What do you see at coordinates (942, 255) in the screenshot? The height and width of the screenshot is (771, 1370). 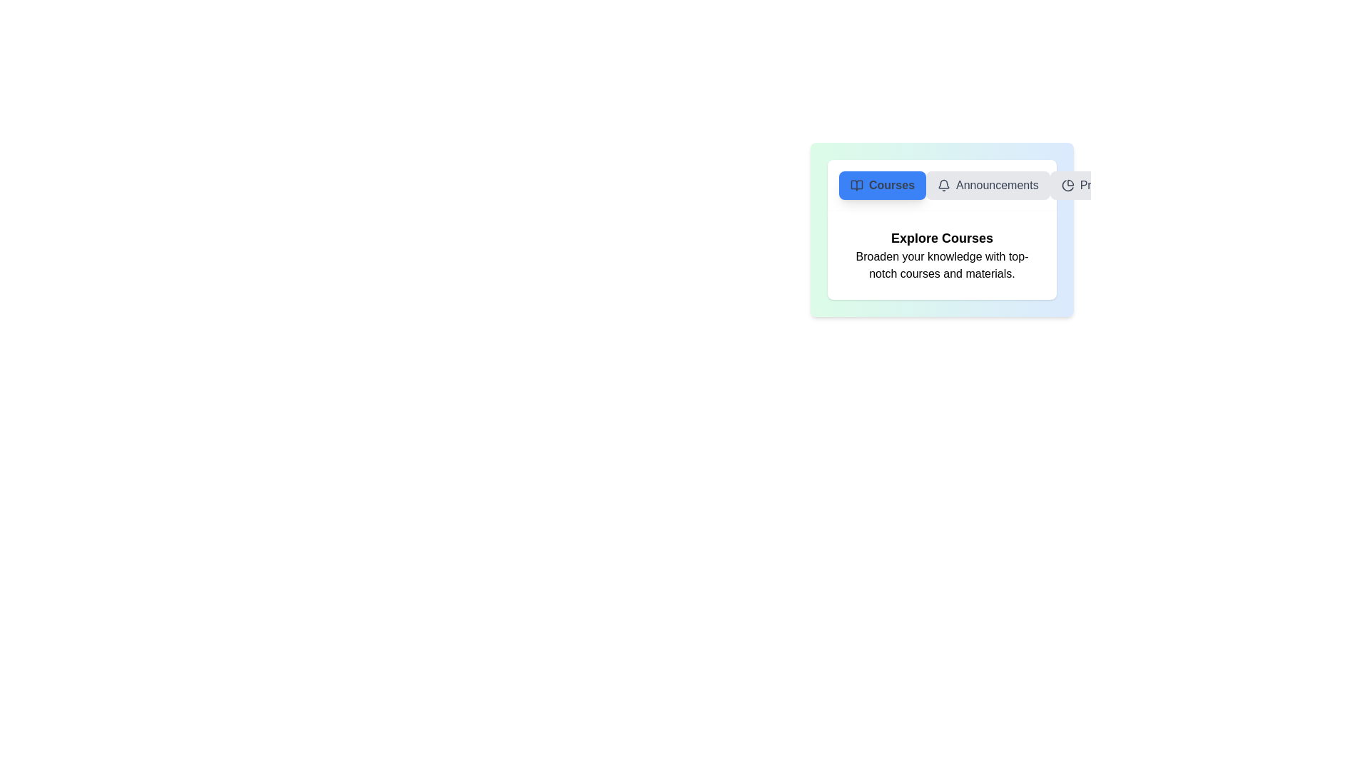 I see `the text block showcasing a call-to-action message for educational courses and resources, located below the navigation bar with a gradient background` at bounding box center [942, 255].